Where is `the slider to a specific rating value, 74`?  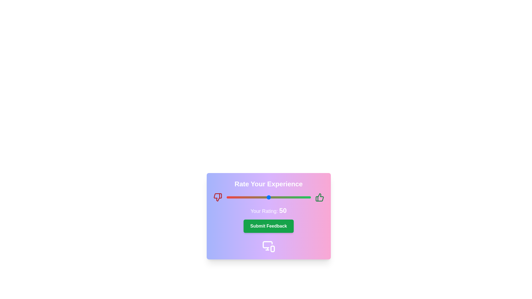 the slider to a specific rating value, 74 is located at coordinates (288, 197).